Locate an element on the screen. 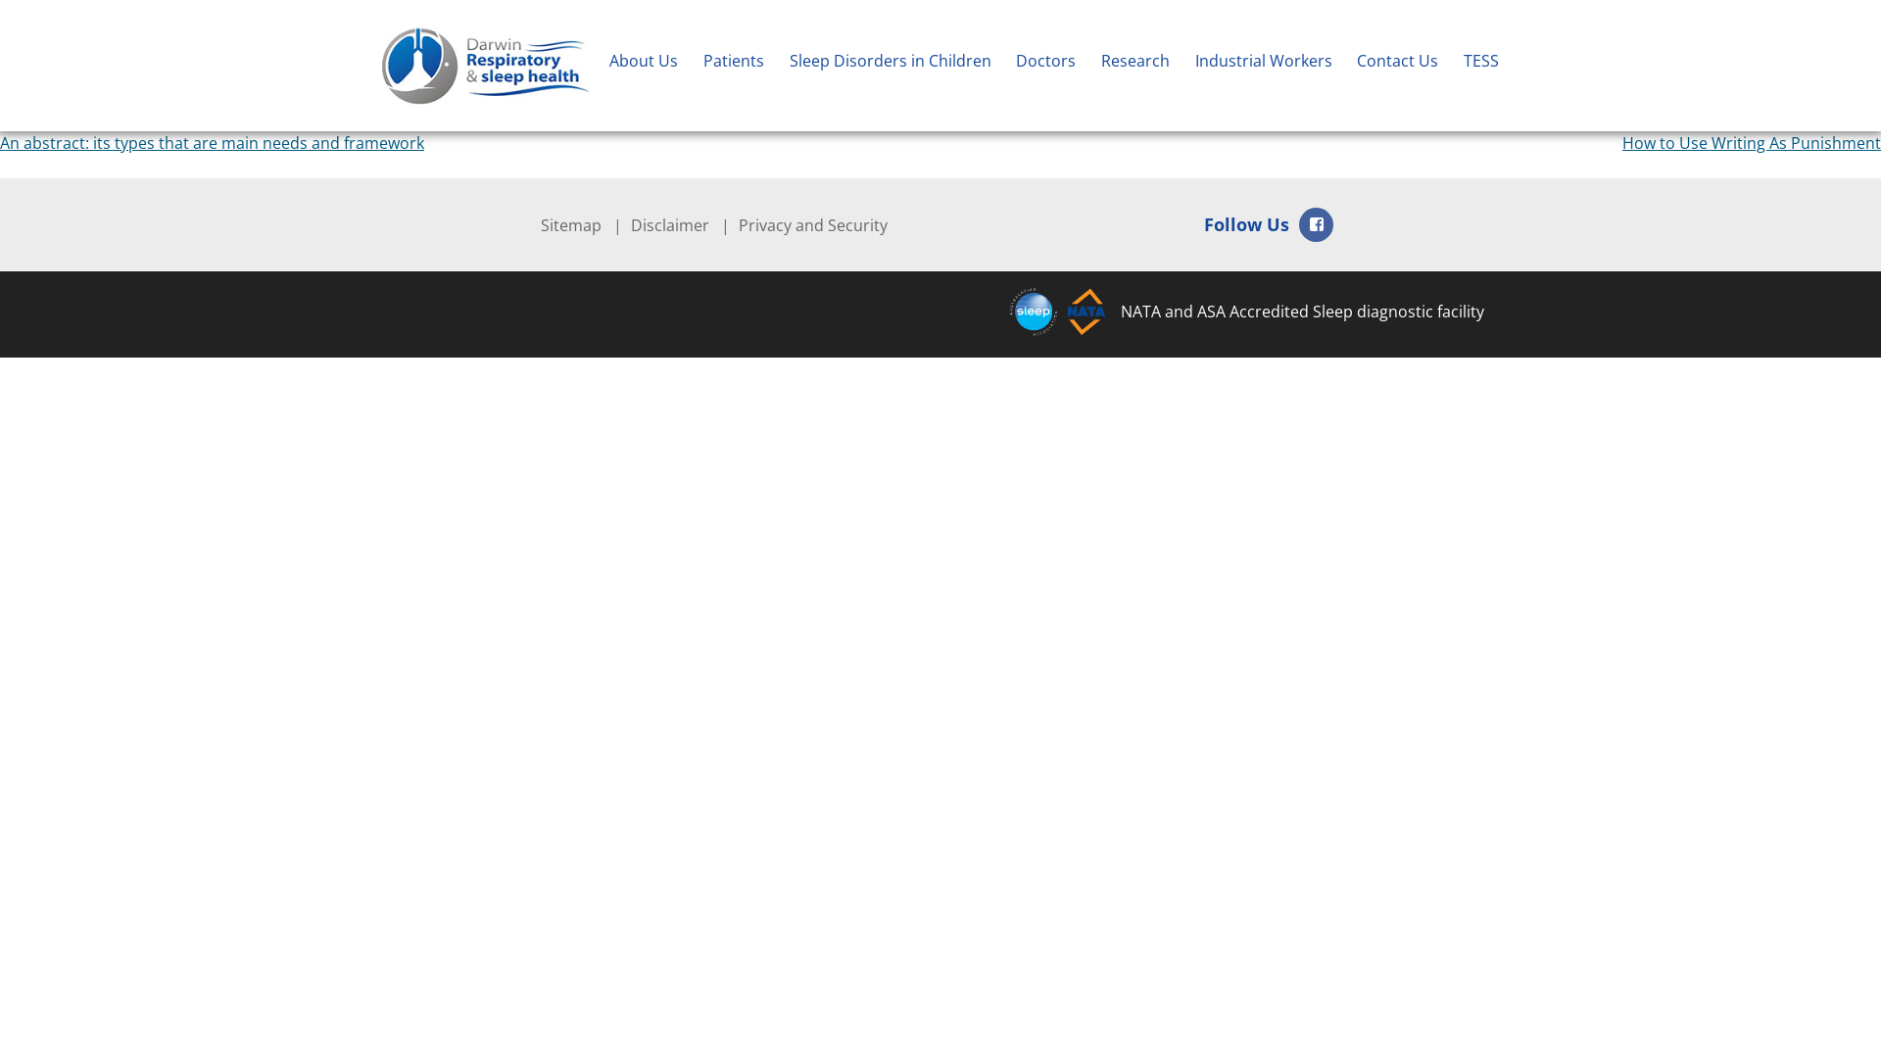 This screenshot has width=1881, height=1058. 'Darwin Respiratory & Sleep Health' is located at coordinates (509, 52).